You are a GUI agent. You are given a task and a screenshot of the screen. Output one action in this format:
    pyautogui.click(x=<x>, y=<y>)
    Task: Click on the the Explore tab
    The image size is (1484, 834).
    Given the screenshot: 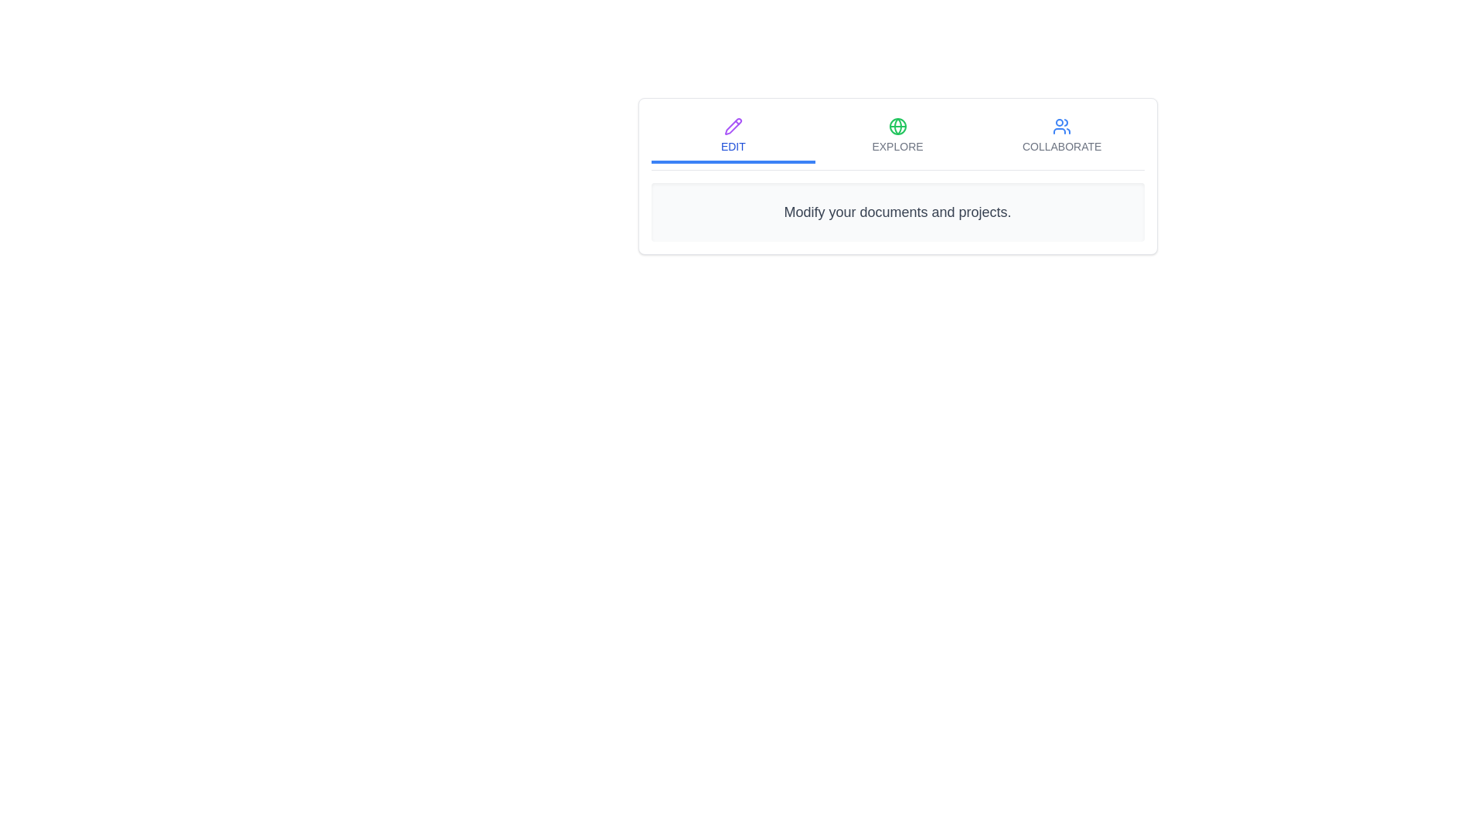 What is the action you would take?
    pyautogui.click(x=897, y=136)
    